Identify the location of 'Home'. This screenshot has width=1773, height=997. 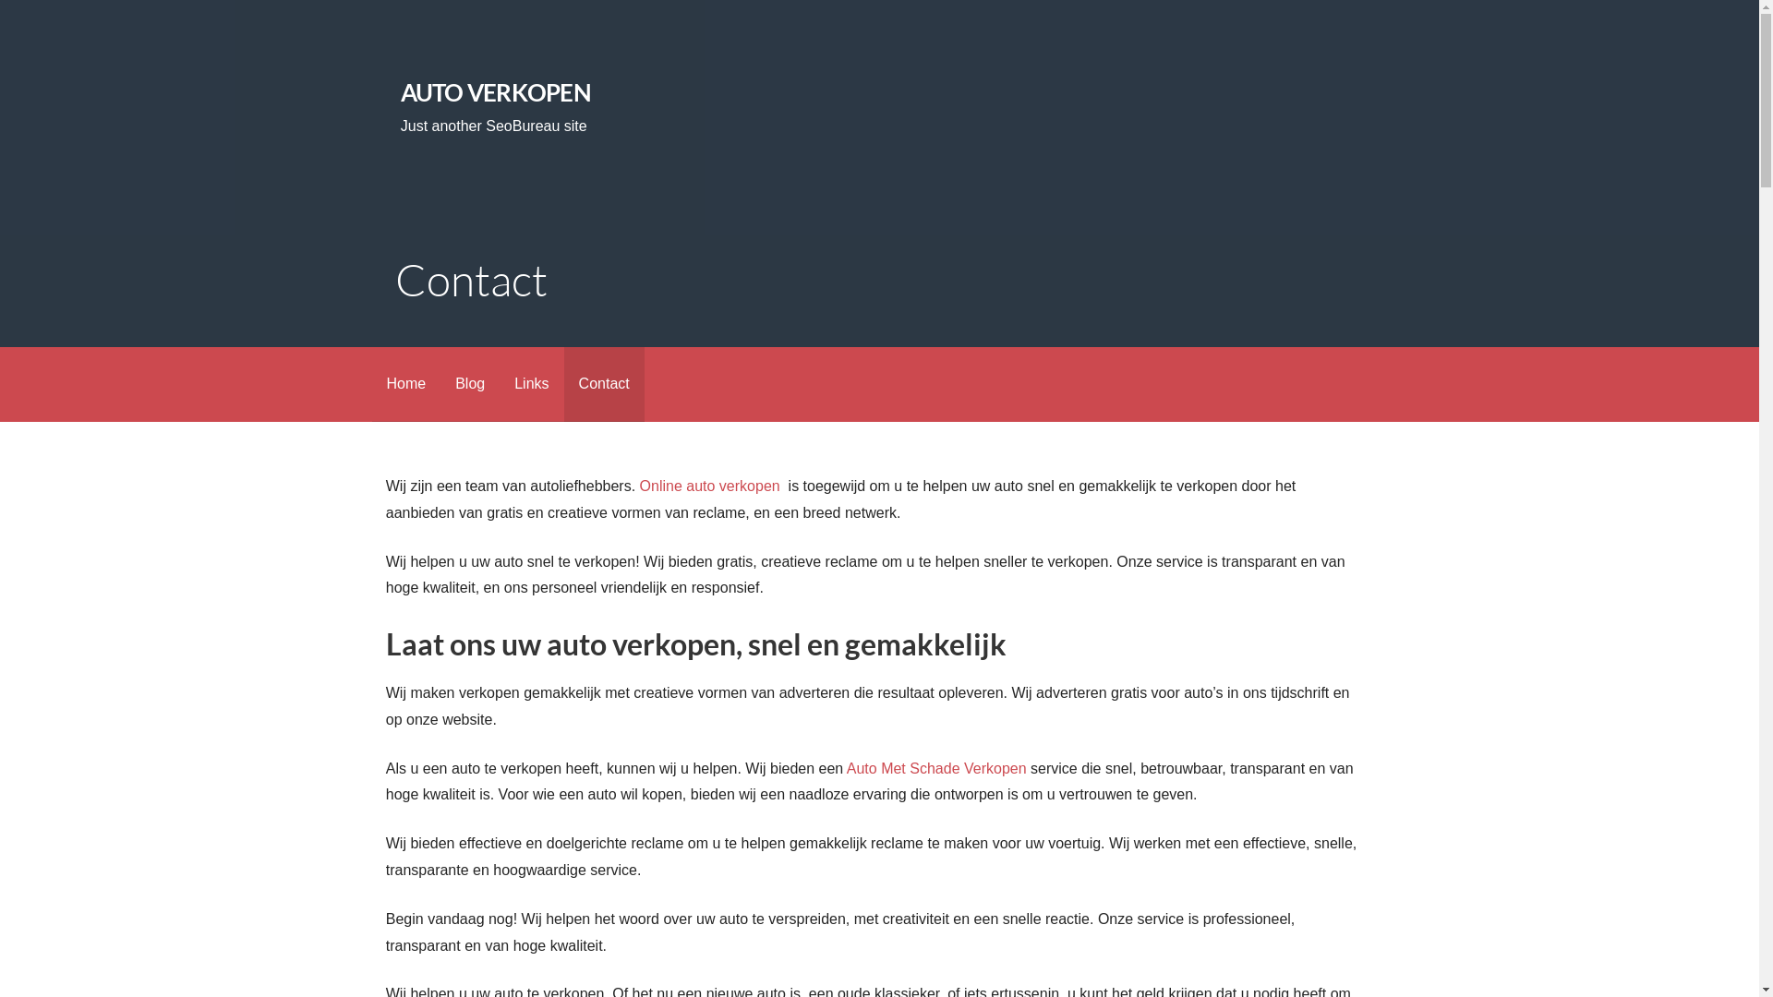
(370, 383).